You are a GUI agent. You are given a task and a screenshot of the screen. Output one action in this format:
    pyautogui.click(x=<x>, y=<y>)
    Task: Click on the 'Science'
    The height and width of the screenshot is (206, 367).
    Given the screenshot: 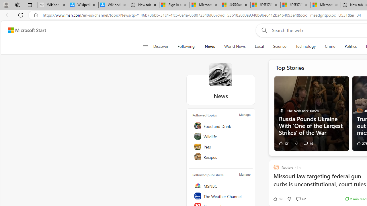 What is the action you would take?
    pyautogui.click(x=280, y=46)
    